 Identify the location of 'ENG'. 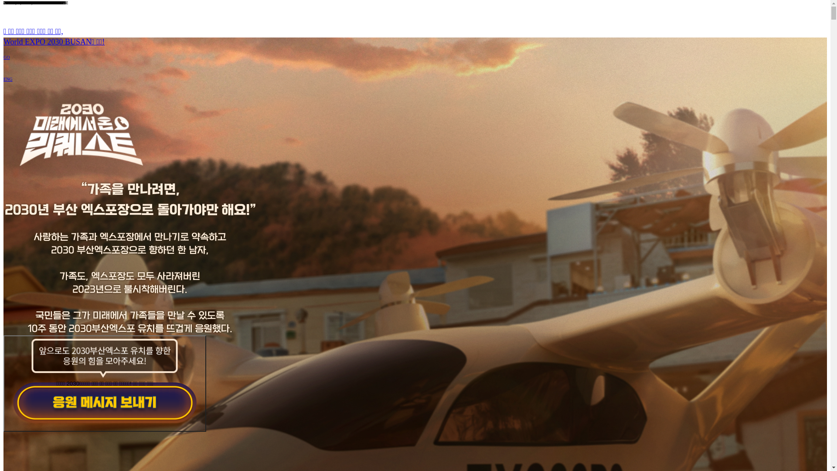
(3, 79).